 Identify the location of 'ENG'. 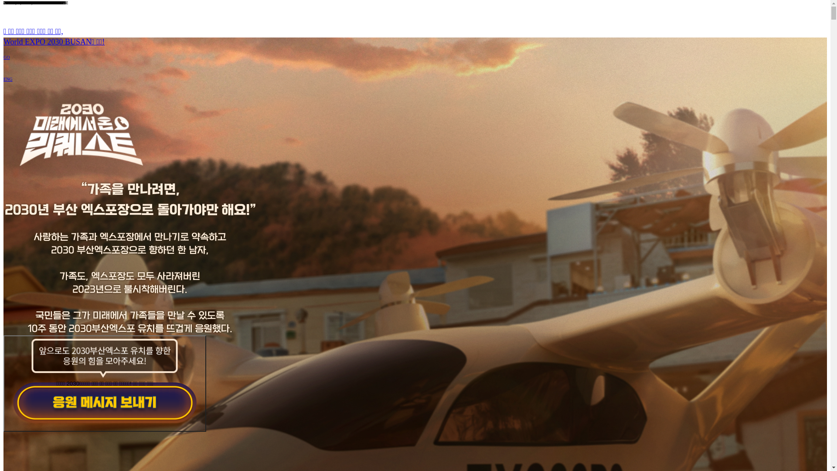
(3, 79).